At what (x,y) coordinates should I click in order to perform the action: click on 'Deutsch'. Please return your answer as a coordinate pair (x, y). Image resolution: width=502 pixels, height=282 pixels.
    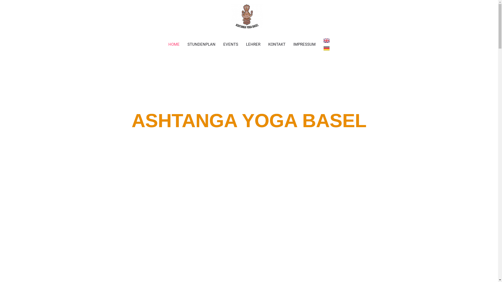
    Looking at the image, I should click on (326, 48).